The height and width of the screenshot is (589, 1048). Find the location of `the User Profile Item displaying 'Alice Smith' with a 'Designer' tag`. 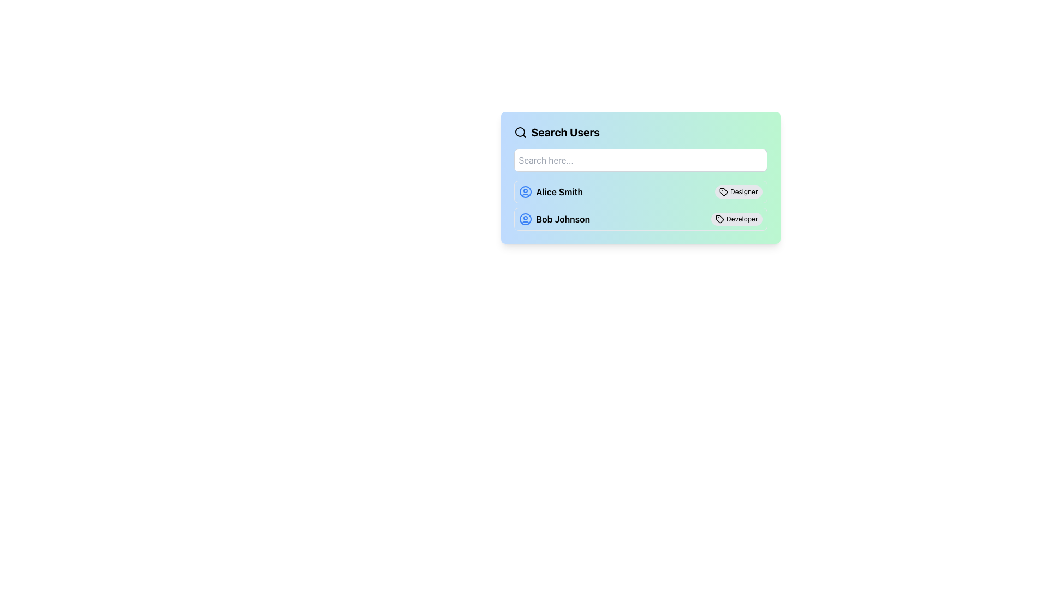

the User Profile Item displaying 'Alice Smith' with a 'Designer' tag is located at coordinates (640, 185).